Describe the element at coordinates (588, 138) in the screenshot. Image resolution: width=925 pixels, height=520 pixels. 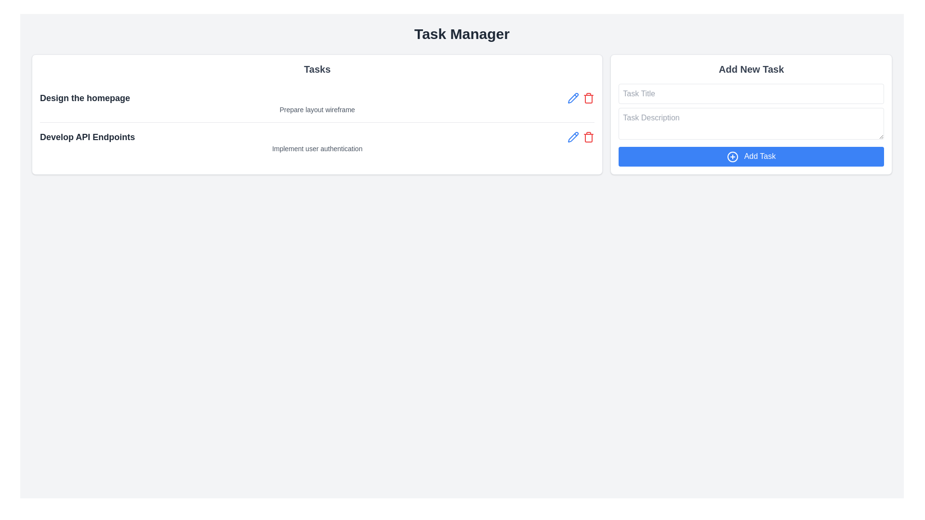
I see `the delete icon button for the task 'Develop API Endpoints'` at that location.